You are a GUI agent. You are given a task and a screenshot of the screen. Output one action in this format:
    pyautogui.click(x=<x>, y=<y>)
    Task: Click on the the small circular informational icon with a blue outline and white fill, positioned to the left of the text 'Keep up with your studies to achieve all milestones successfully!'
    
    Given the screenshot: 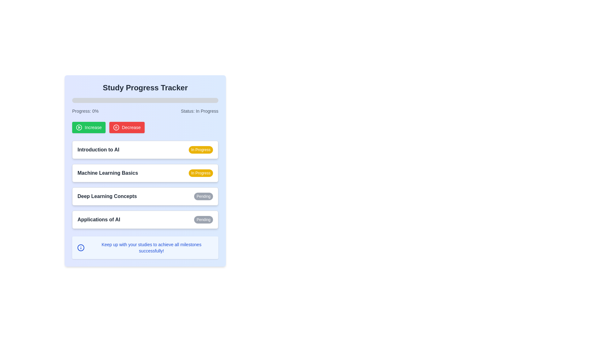 What is the action you would take?
    pyautogui.click(x=80, y=247)
    